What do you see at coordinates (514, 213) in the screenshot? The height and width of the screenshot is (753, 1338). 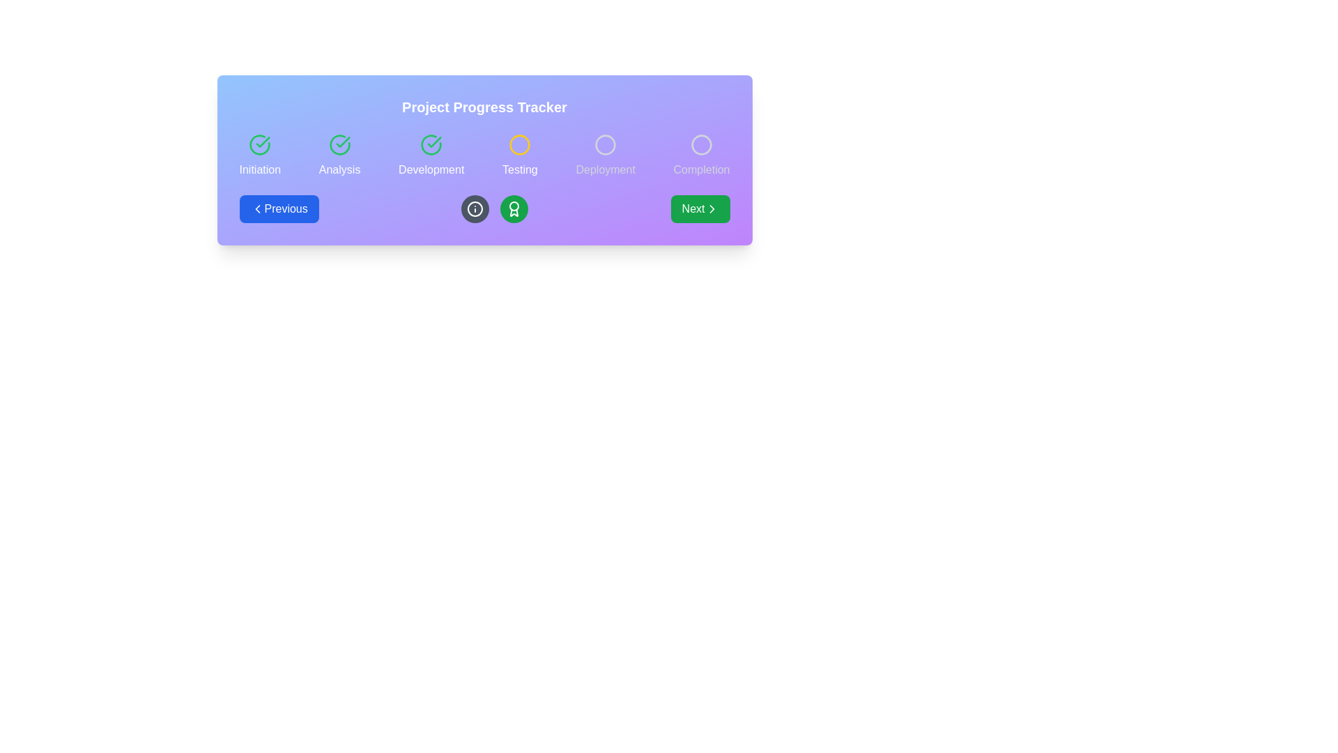 I see `the SVG-based graphical element representing achievement or milestone completion, located in the progress tracker interface below the 'Testing' step` at bounding box center [514, 213].